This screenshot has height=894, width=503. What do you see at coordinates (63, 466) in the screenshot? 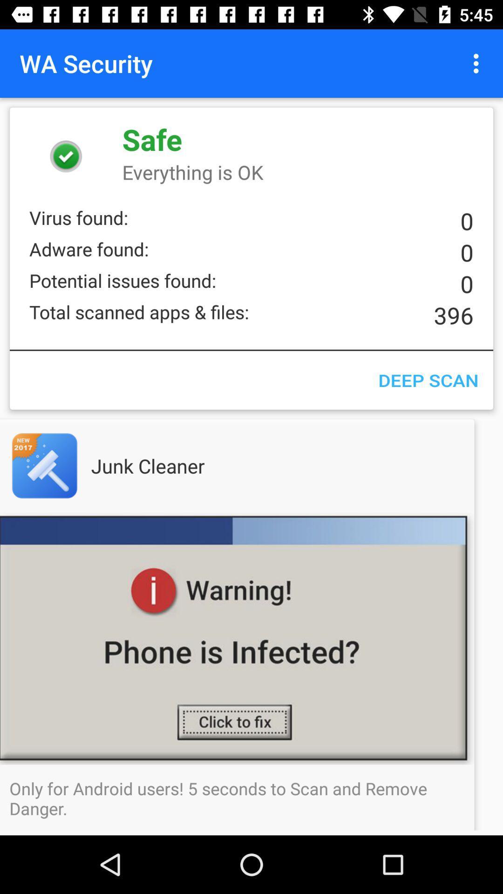
I see `advertisement for another app` at bounding box center [63, 466].